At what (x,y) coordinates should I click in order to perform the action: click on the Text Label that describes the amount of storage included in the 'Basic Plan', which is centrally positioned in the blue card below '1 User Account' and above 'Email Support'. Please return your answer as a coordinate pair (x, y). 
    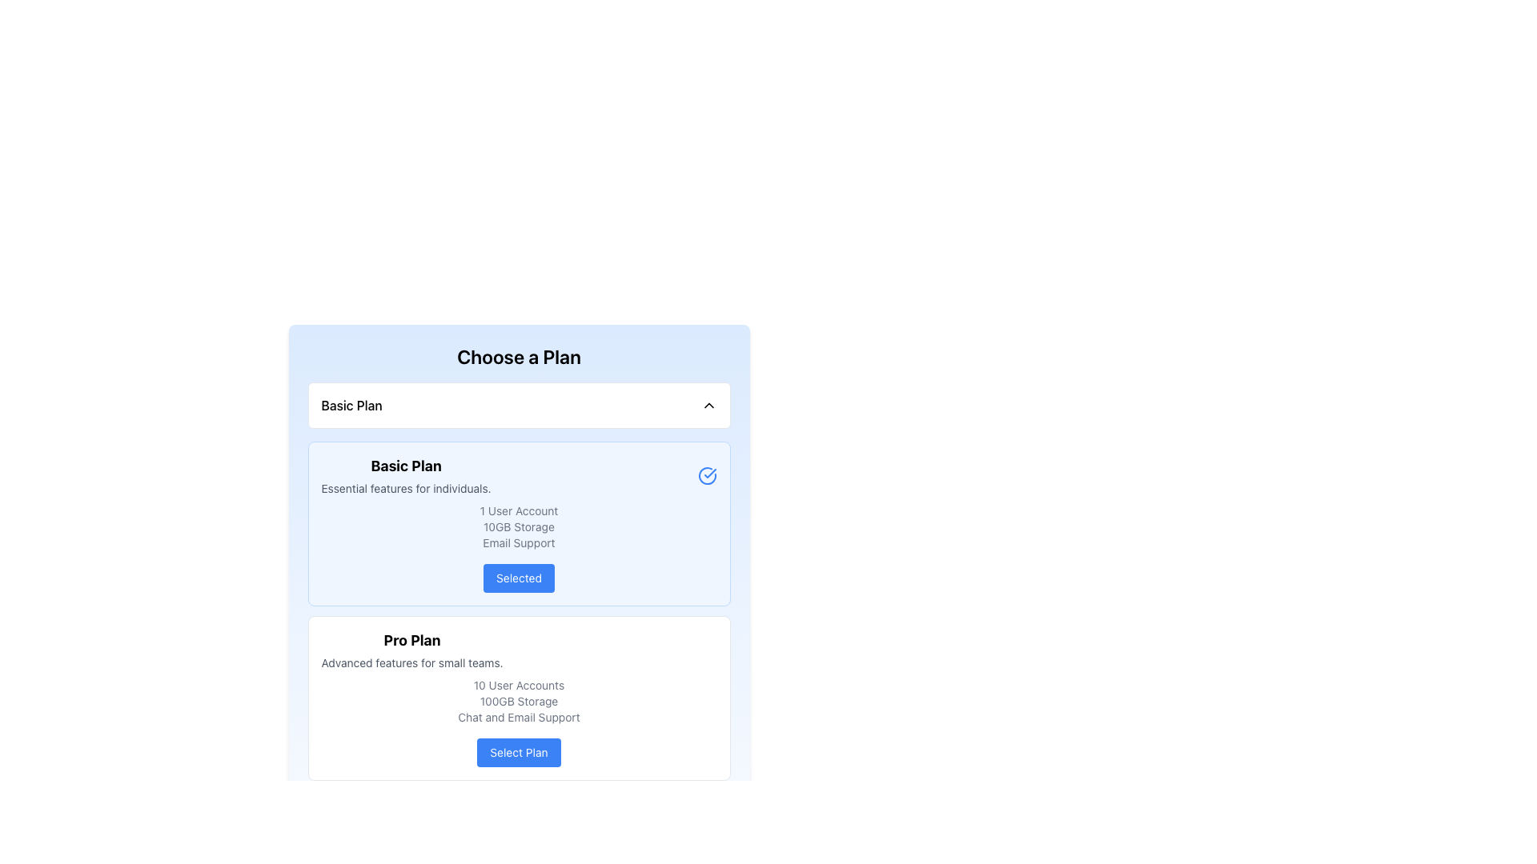
    Looking at the image, I should click on (519, 527).